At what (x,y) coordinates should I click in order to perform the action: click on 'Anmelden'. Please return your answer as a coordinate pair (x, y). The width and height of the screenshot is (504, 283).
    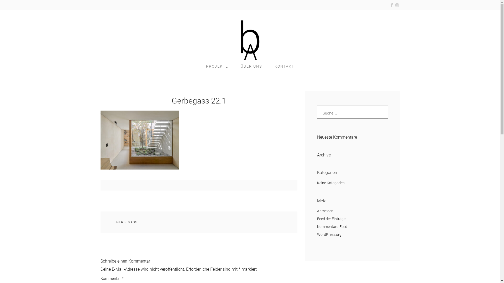
    Looking at the image, I should click on (325, 211).